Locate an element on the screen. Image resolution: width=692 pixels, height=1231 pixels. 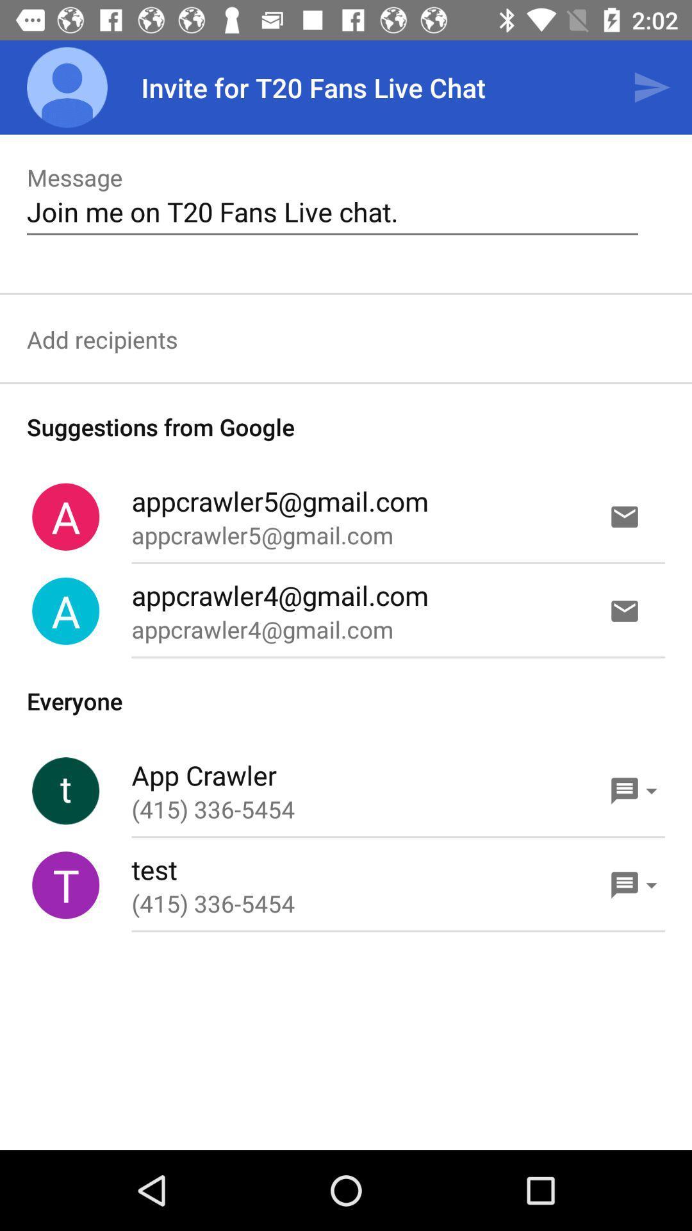
the app to the right of the invite for t20 icon is located at coordinates (652, 87).